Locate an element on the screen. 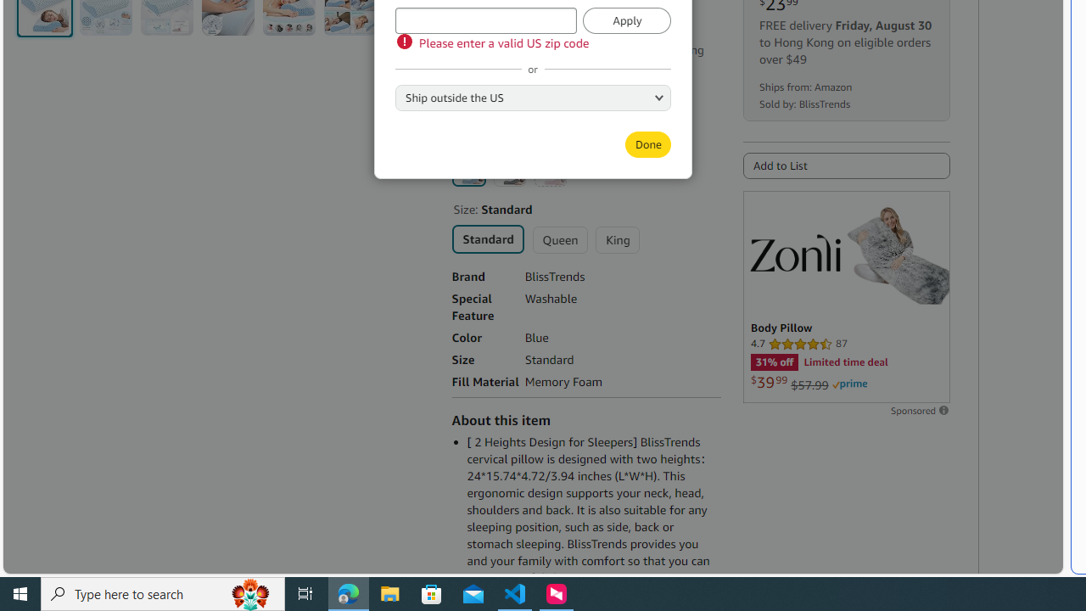 Image resolution: width=1086 pixels, height=611 pixels. 'Prime' is located at coordinates (849, 384).